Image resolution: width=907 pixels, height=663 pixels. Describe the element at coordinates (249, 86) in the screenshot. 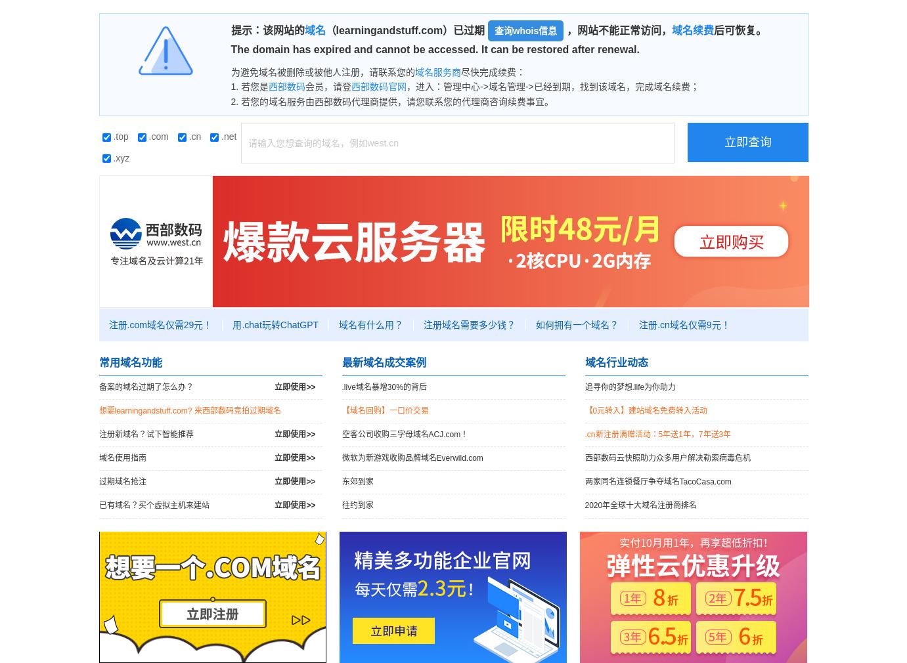

I see `'1. 若您是'` at that location.